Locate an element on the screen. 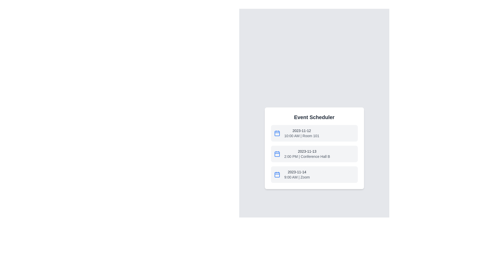 This screenshot has height=279, width=496. the calendar icon located to the left of the text '2023-11-13 2:00 PM | Conference Hall B', which is the first icon in the second event entry of the event scheduler interface is located at coordinates (277, 154).